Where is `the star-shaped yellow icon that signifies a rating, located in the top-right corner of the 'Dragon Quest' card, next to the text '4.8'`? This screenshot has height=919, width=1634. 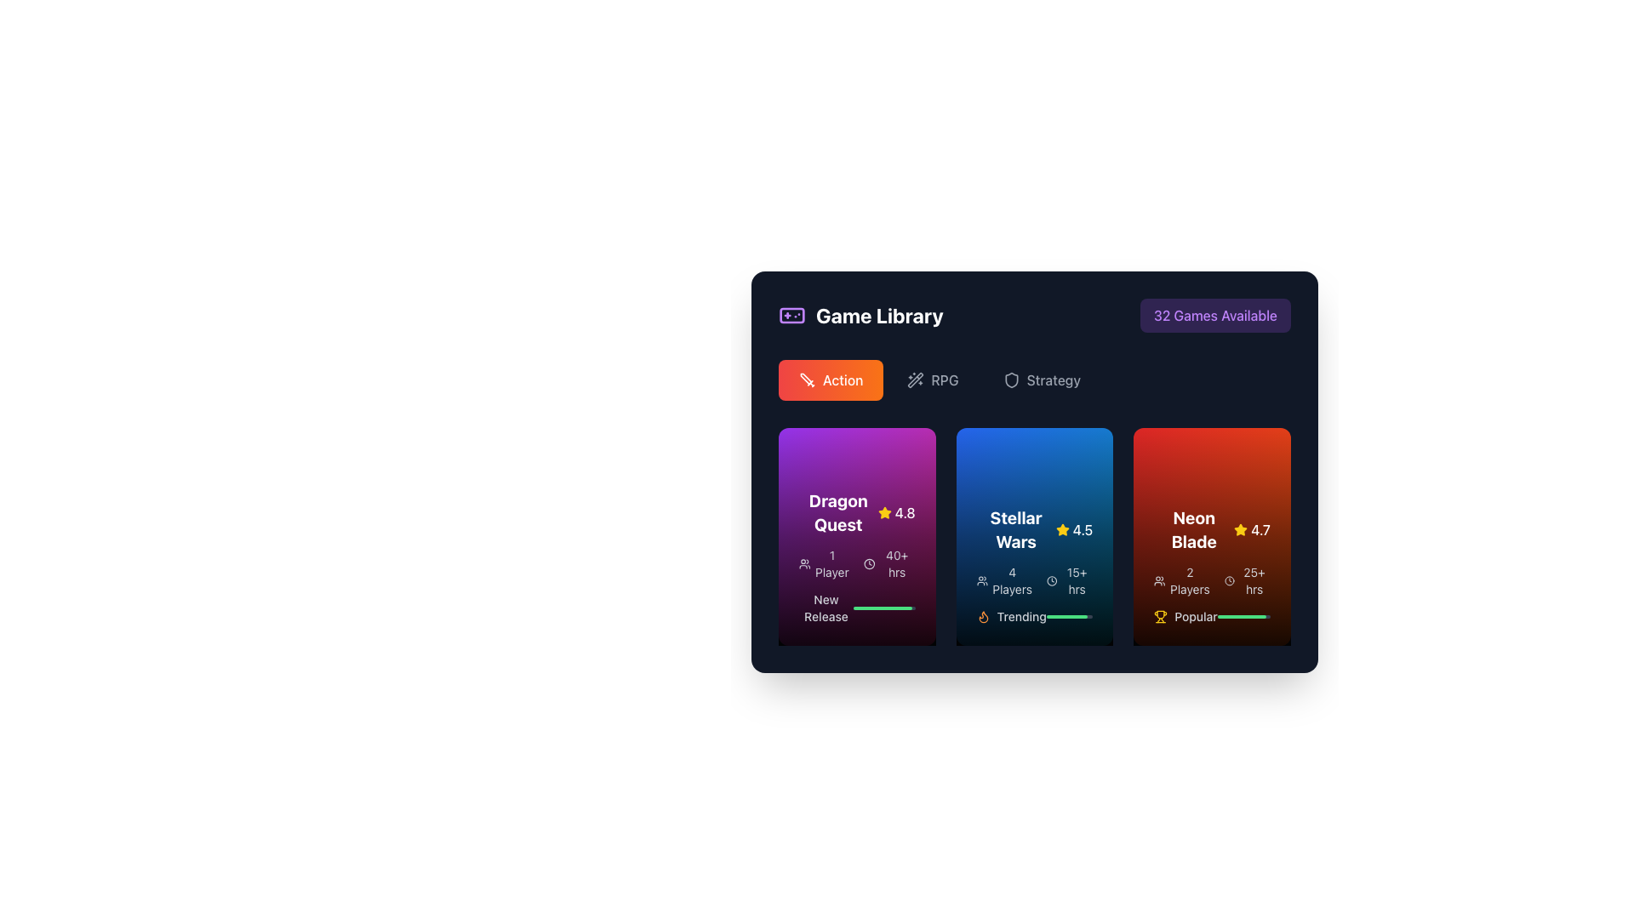
the star-shaped yellow icon that signifies a rating, located in the top-right corner of the 'Dragon Quest' card, next to the text '4.8' is located at coordinates (884, 511).